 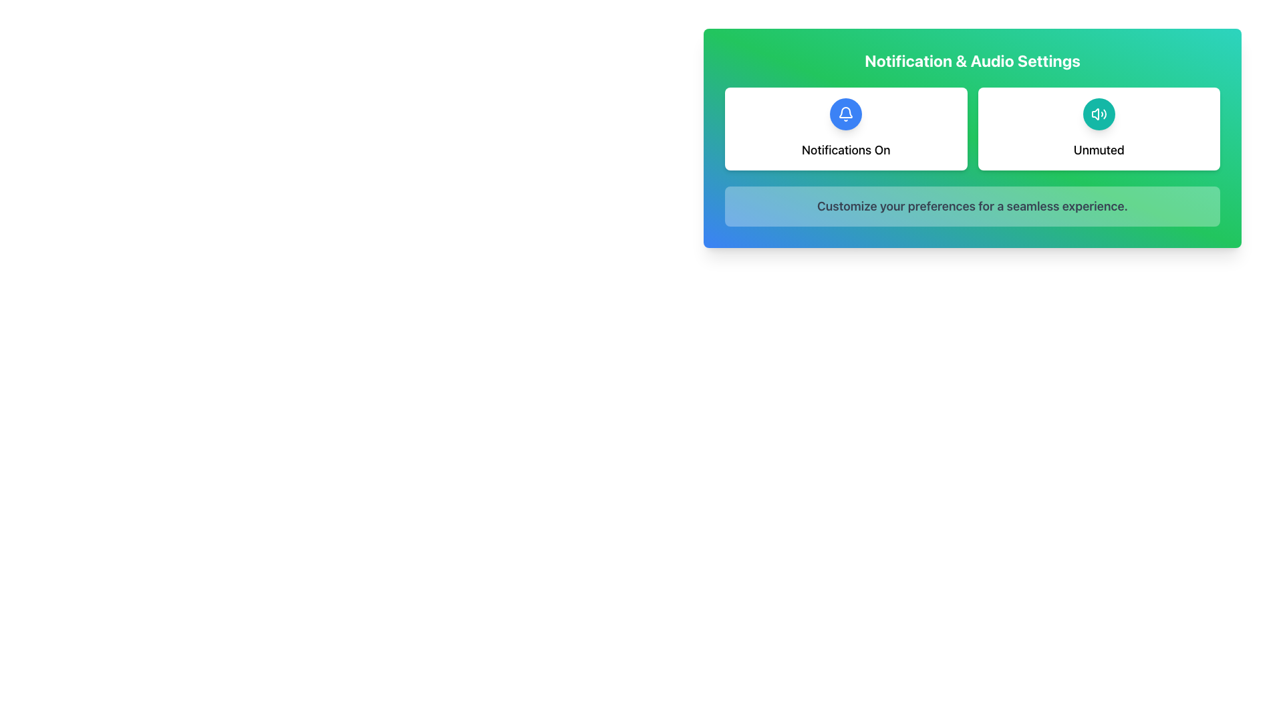 What do you see at coordinates (845, 113) in the screenshot?
I see `the bell icon within the 'Notifications On' button on the green-and-blue gradient panel` at bounding box center [845, 113].